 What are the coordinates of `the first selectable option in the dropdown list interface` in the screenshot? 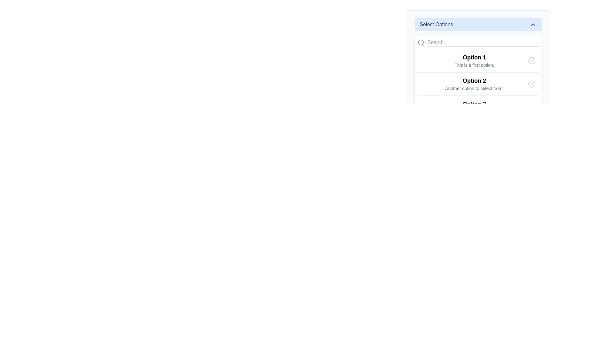 It's located at (478, 70).